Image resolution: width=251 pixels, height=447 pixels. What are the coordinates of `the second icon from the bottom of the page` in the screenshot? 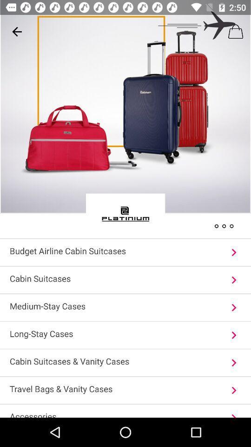 It's located at (233, 390).